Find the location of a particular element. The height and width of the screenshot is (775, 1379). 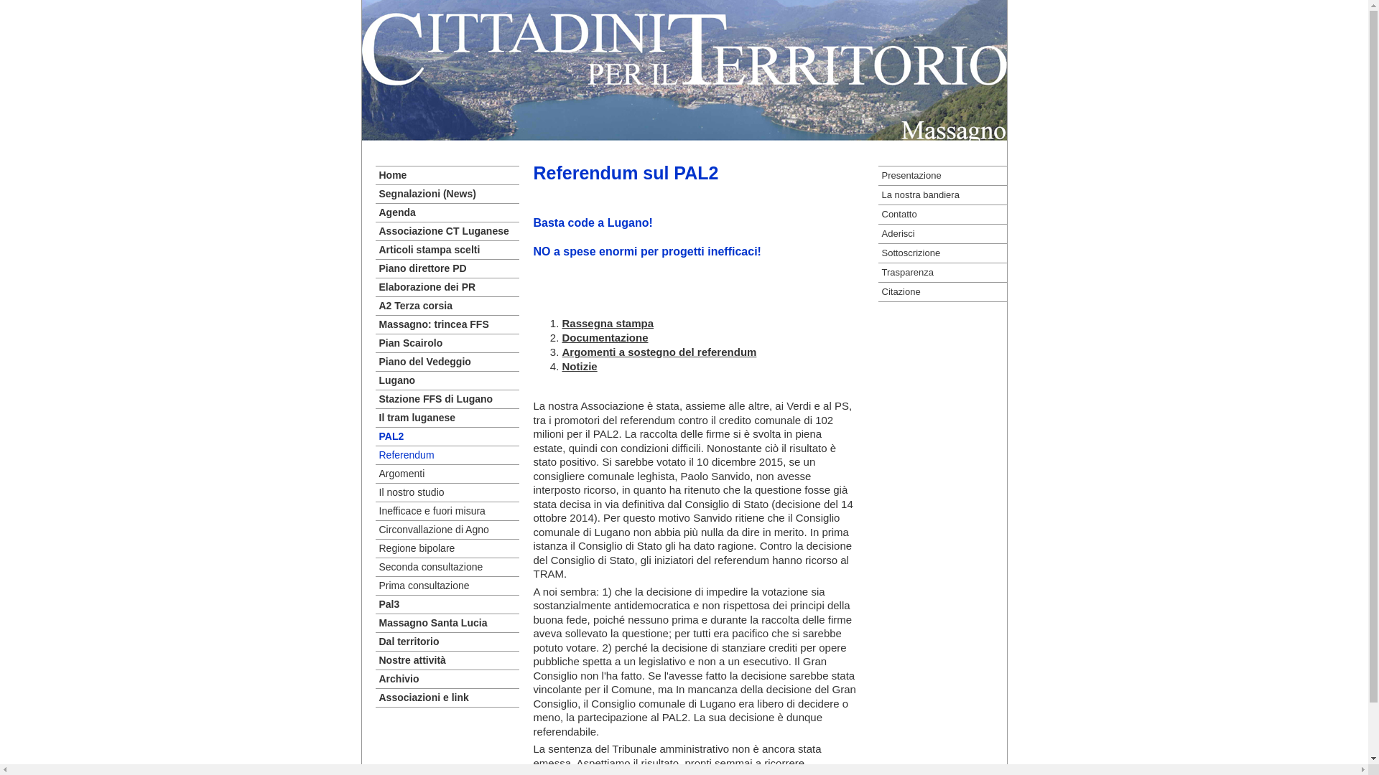

'Pal3' is located at coordinates (375, 604).